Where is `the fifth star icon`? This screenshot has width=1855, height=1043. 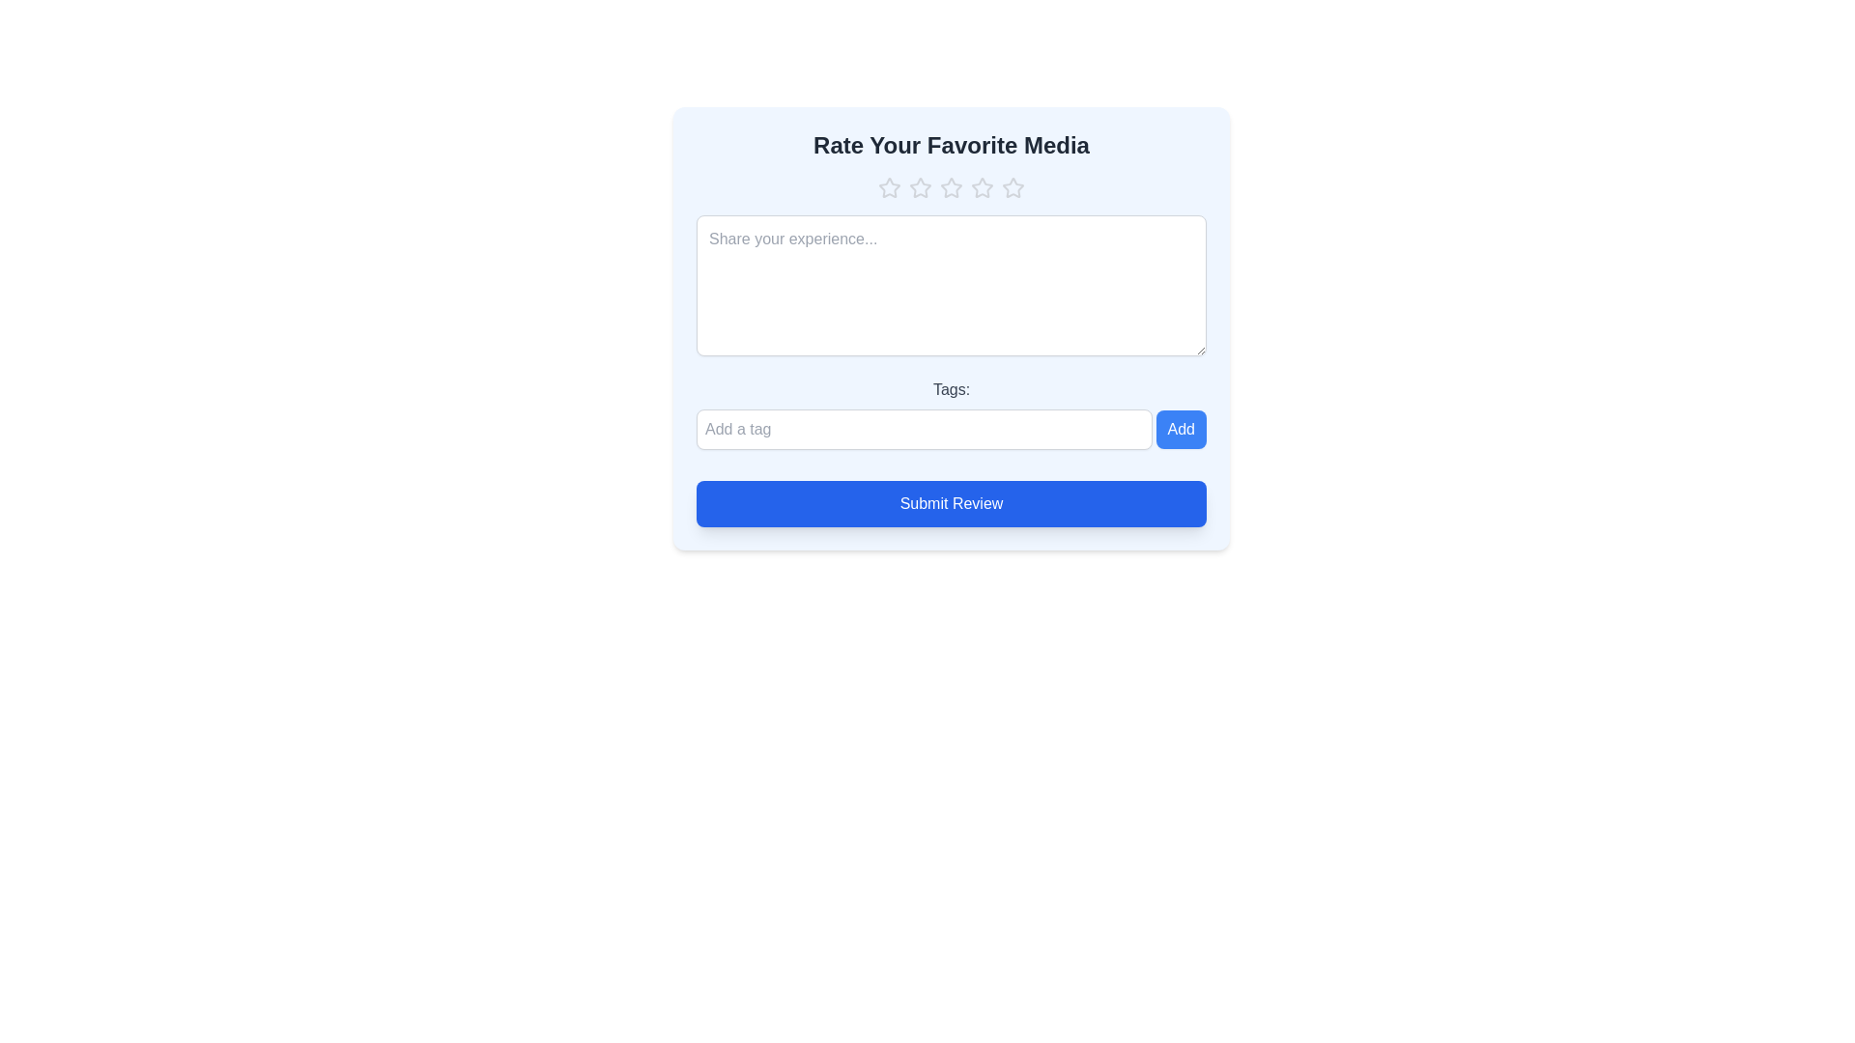 the fifth star icon is located at coordinates (1011, 186).